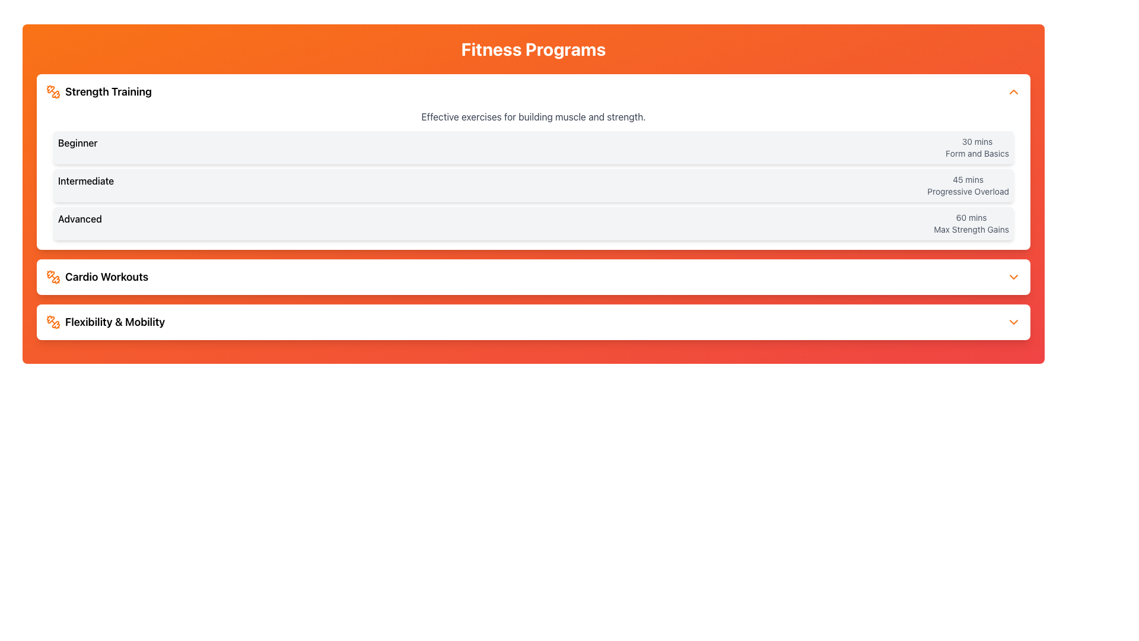 This screenshot has width=1139, height=641. I want to click on the collapse icon next to the 'Strength Training' header, so click(1013, 91).